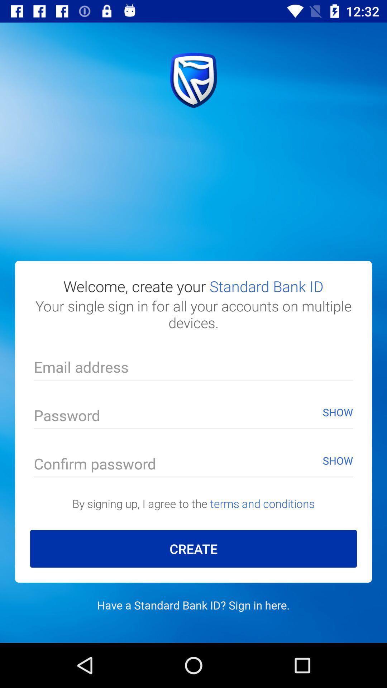 This screenshot has width=387, height=688. What do you see at coordinates (193, 503) in the screenshot?
I see `the icon above the create` at bounding box center [193, 503].